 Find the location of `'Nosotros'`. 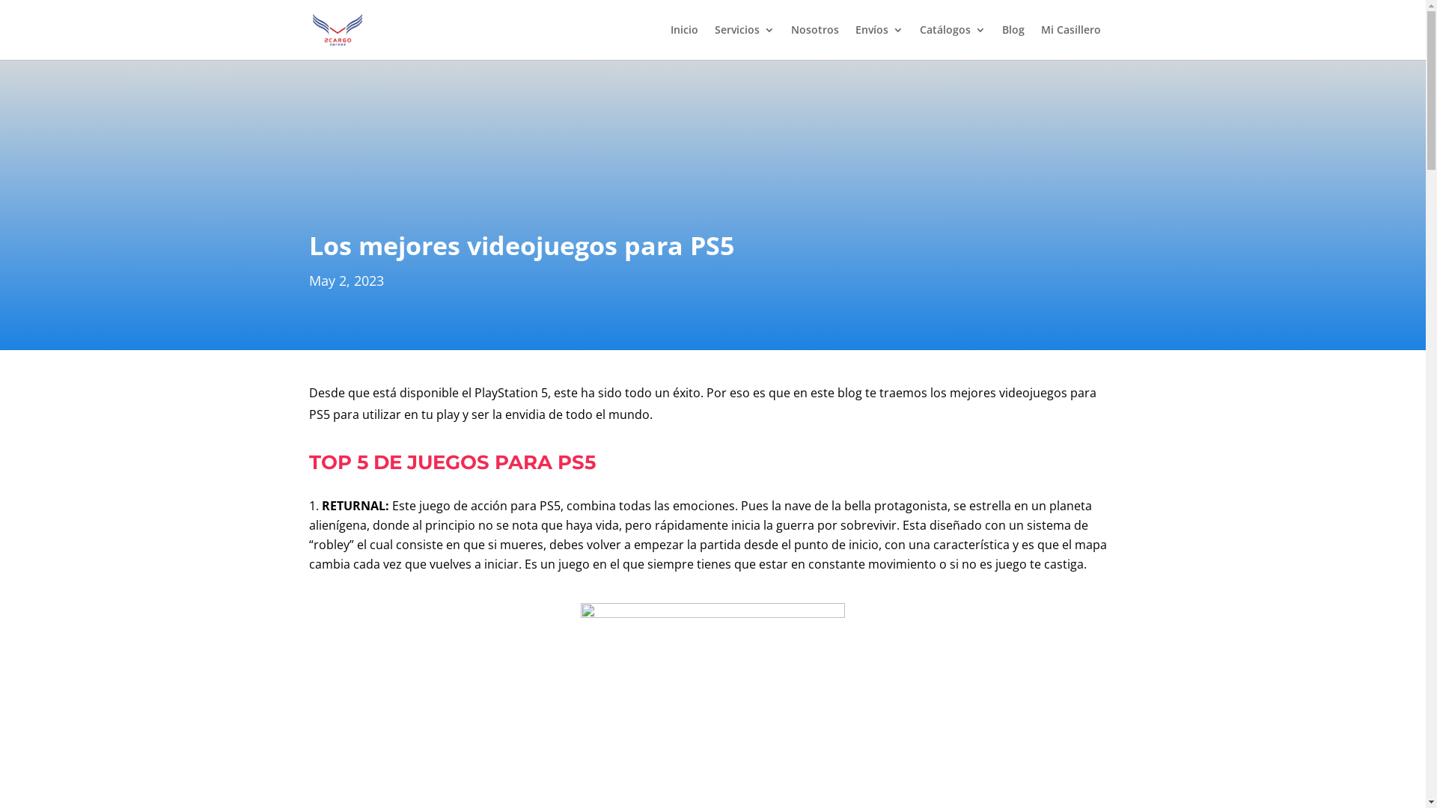

'Nosotros' is located at coordinates (790, 41).